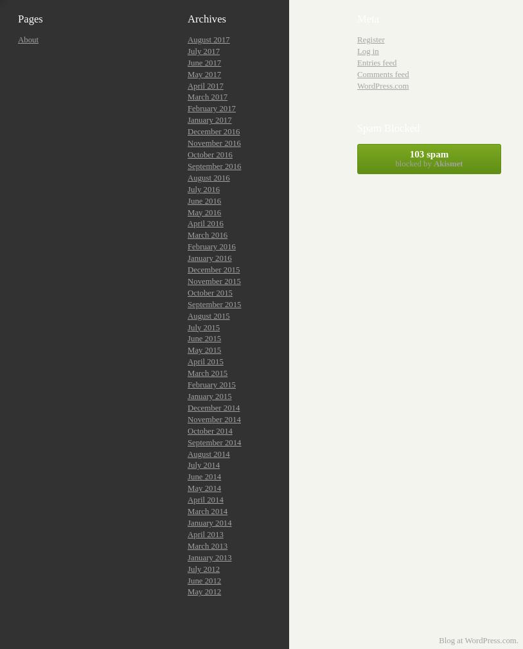 This screenshot has height=649, width=523. I want to click on 'January 2015', so click(209, 396).